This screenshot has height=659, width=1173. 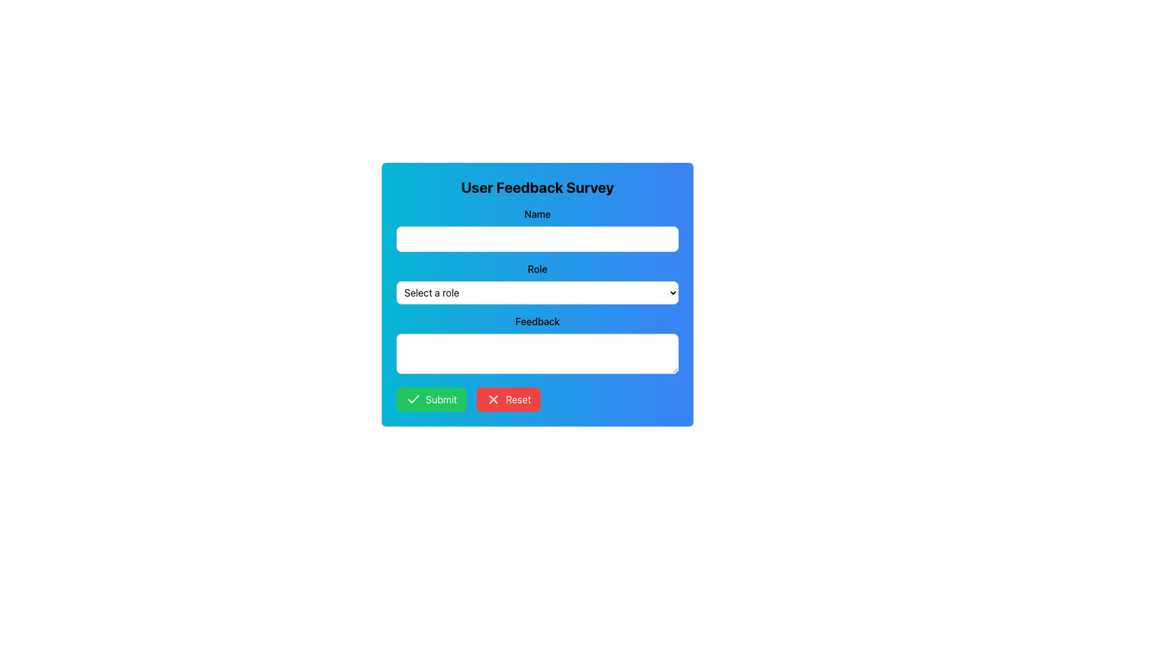 What do you see at coordinates (508, 400) in the screenshot?
I see `the reset button located to the right of the 'Submit' button in the user feedback form` at bounding box center [508, 400].